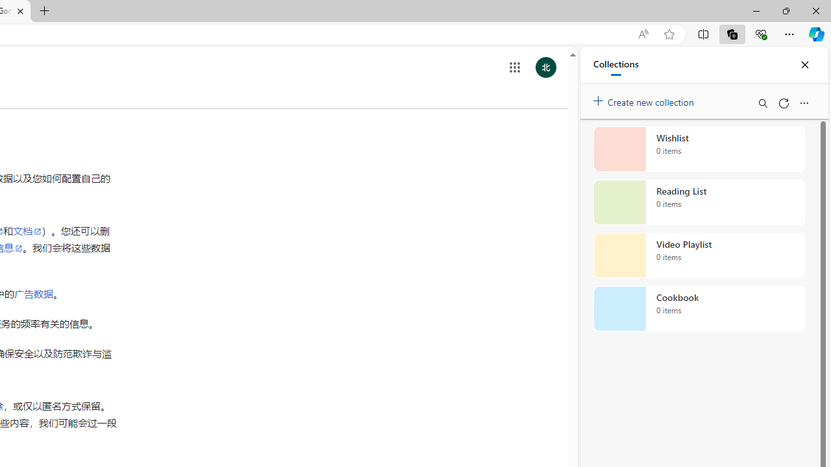 This screenshot has height=467, width=831. I want to click on 'More options menu', so click(803, 102).